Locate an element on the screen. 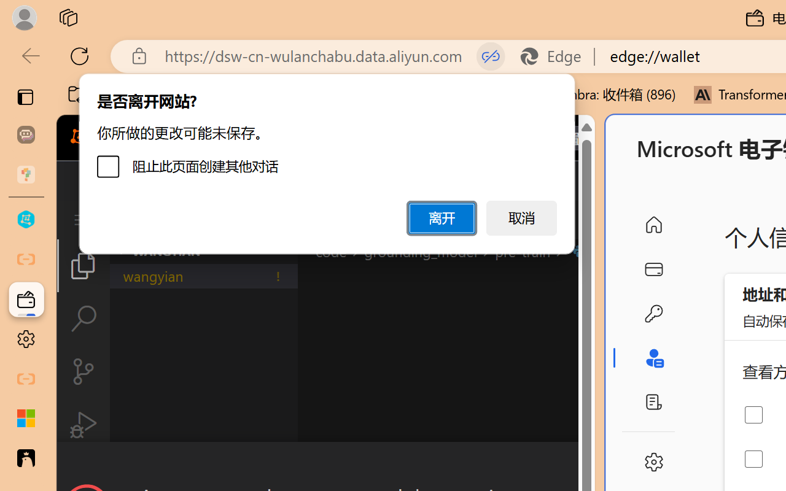  'Run and Debug (Ctrl+Shift+D)' is located at coordinates (82, 425).